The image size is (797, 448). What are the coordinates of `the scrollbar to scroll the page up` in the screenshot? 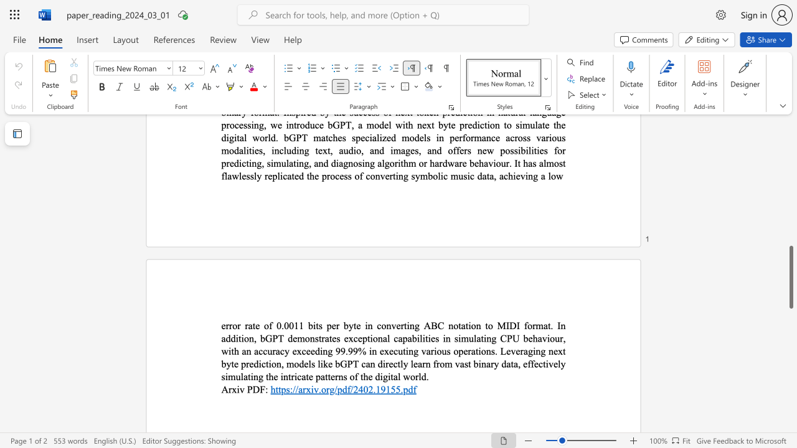 It's located at (790, 148).